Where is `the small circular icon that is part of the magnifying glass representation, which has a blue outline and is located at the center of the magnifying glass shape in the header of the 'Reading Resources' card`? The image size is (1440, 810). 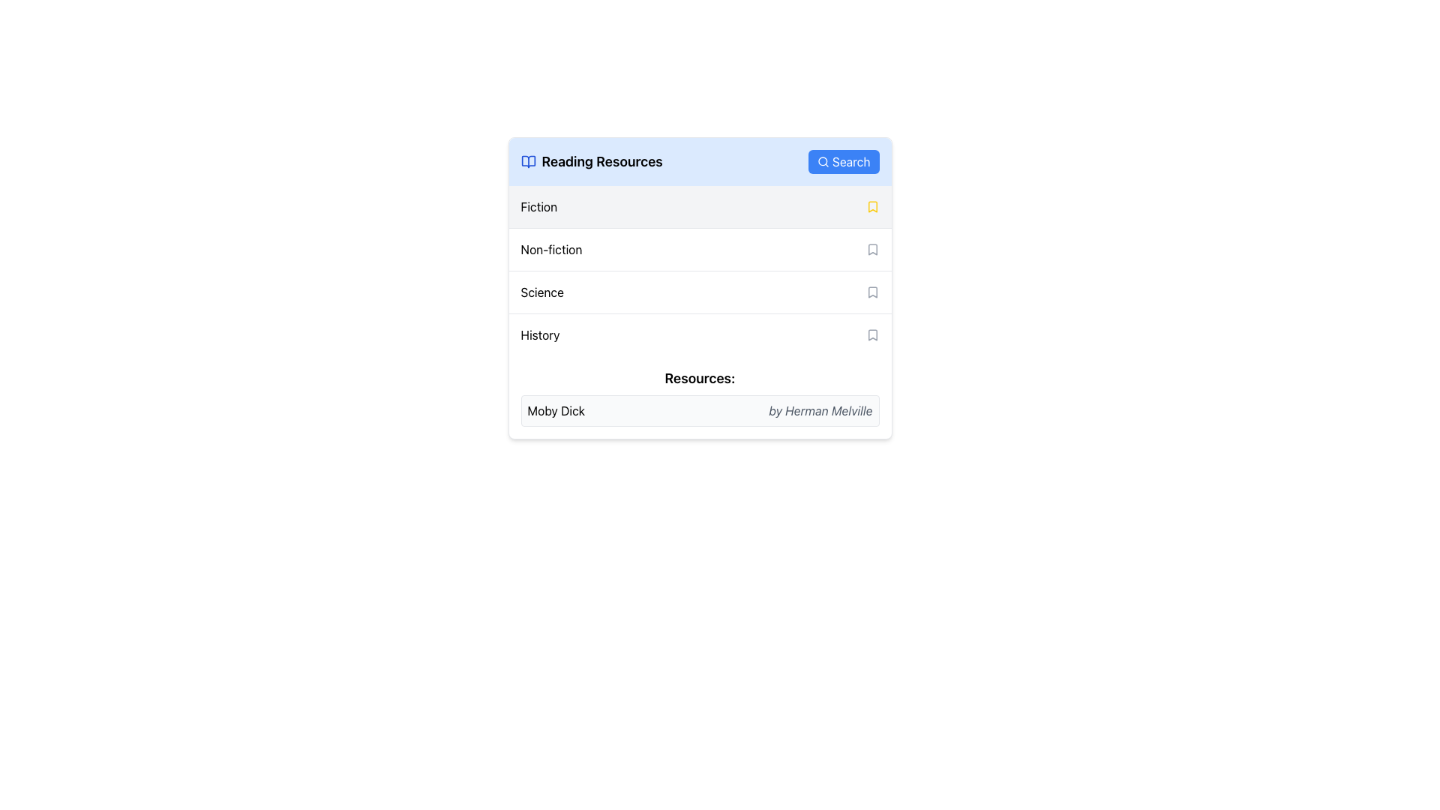
the small circular icon that is part of the magnifying glass representation, which has a blue outline and is located at the center of the magnifying glass shape in the header of the 'Reading Resources' card is located at coordinates (822, 161).